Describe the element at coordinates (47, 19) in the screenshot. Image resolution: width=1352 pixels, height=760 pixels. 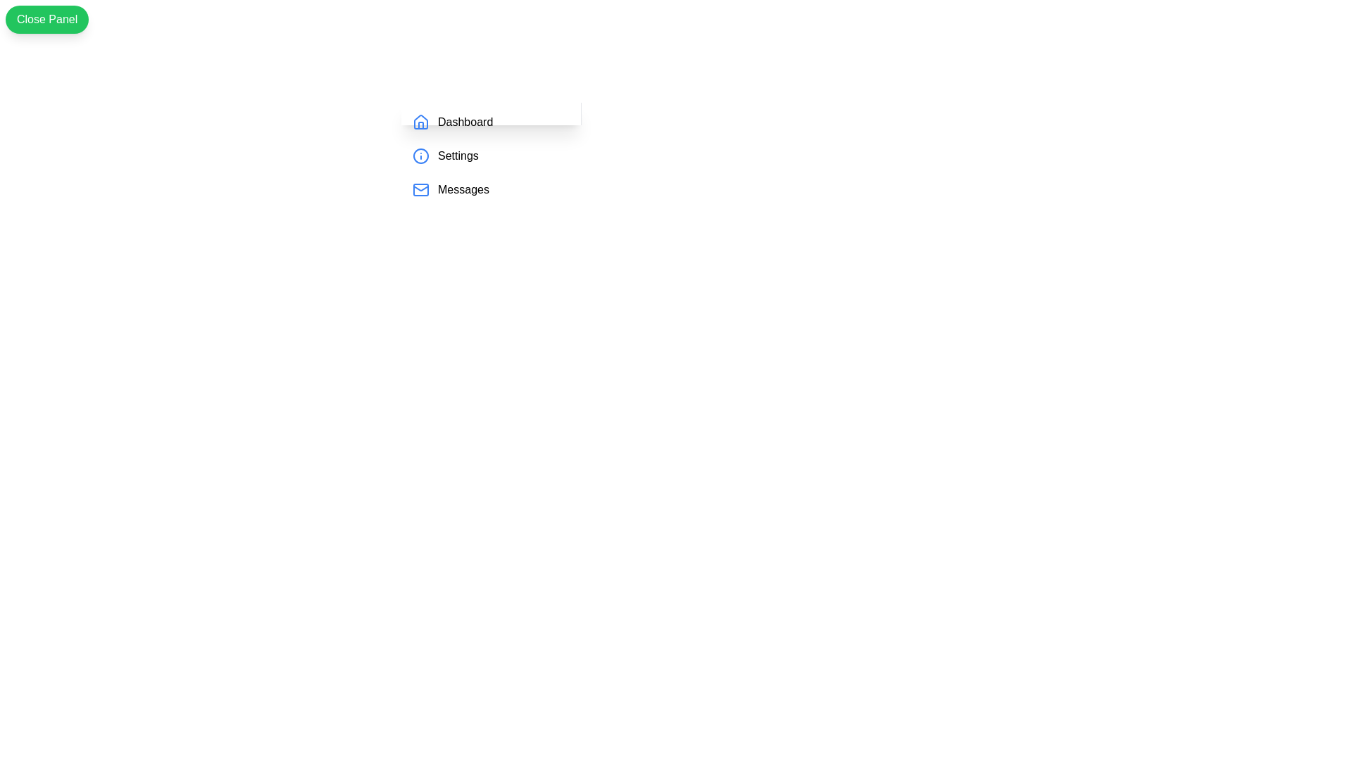
I see `green button labeled 'Close Panel' to toggle the drawer` at that location.